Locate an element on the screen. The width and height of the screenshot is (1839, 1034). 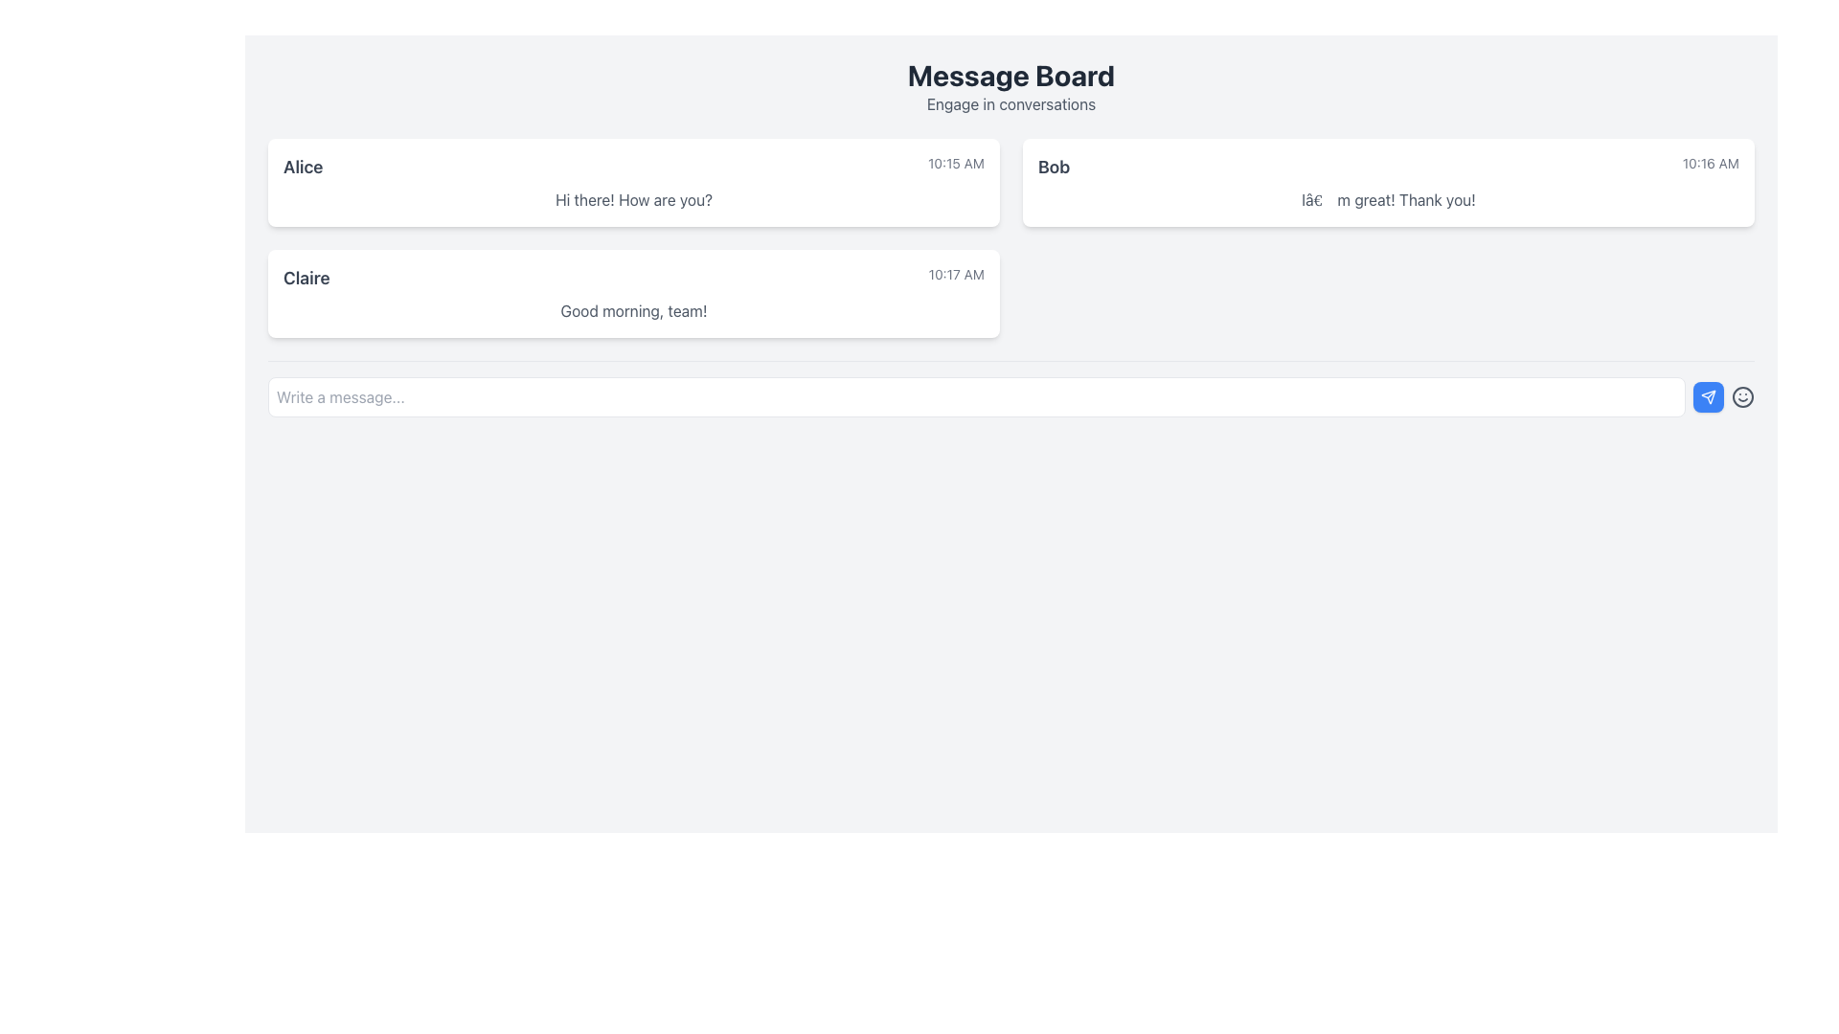
timestamp displayed on the right side of the layout, which is associated with the message or activity is located at coordinates (956, 166).